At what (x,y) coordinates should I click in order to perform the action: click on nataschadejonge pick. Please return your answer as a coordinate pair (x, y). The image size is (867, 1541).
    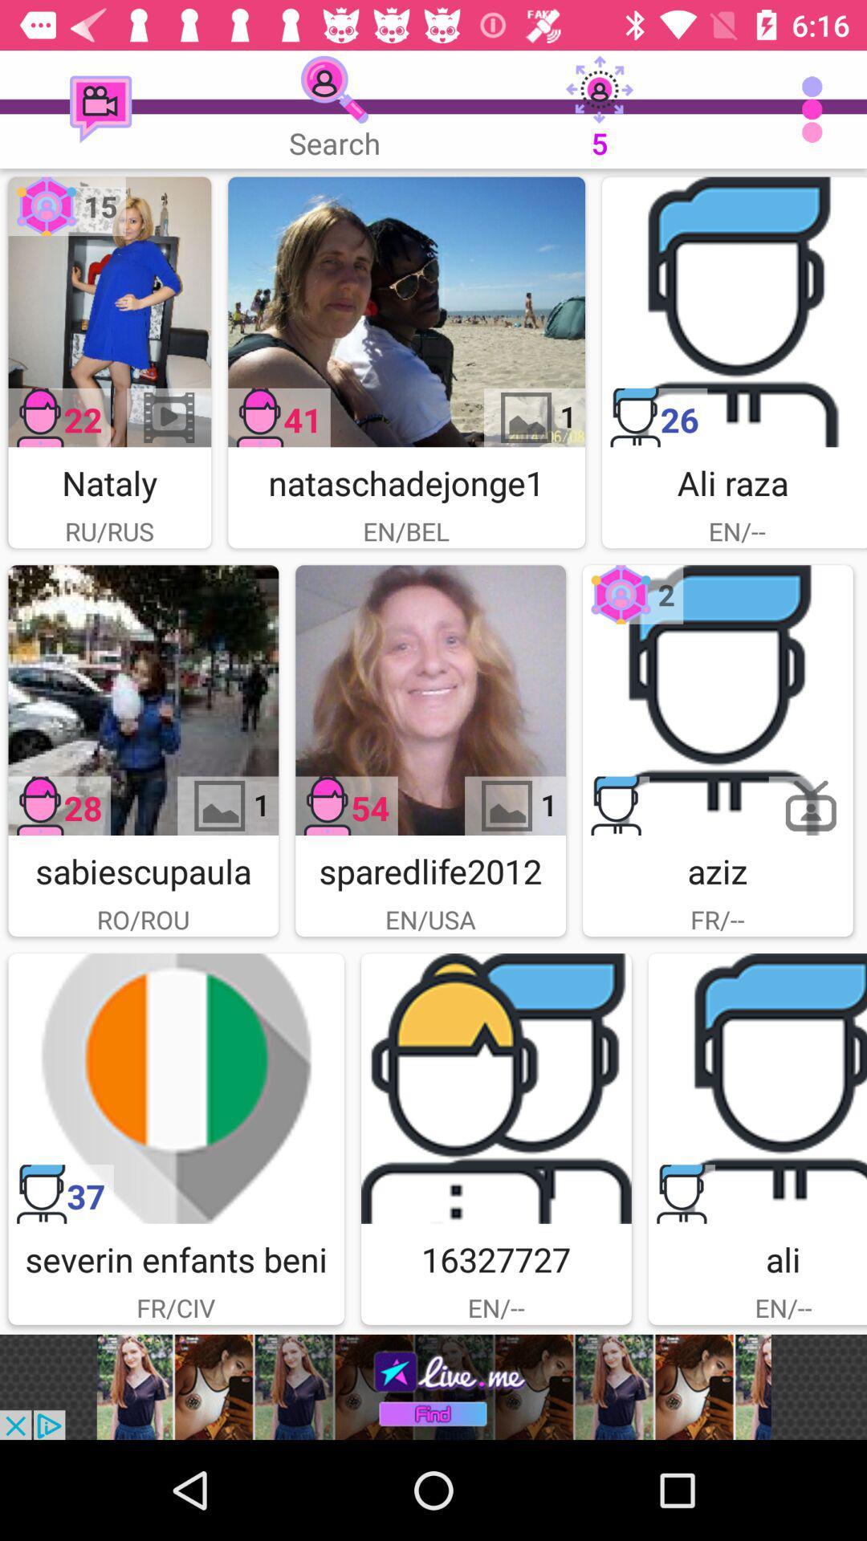
    Looking at the image, I should click on (405, 311).